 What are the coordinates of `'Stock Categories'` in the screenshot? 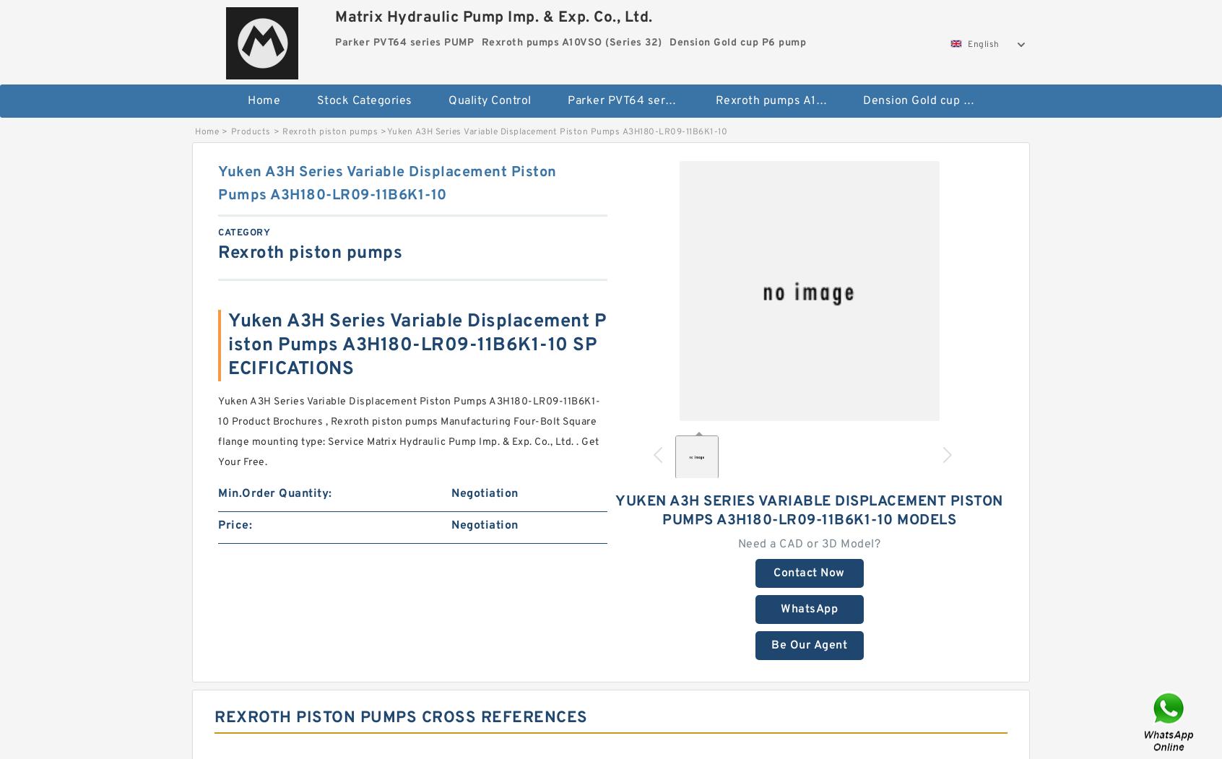 It's located at (364, 100).